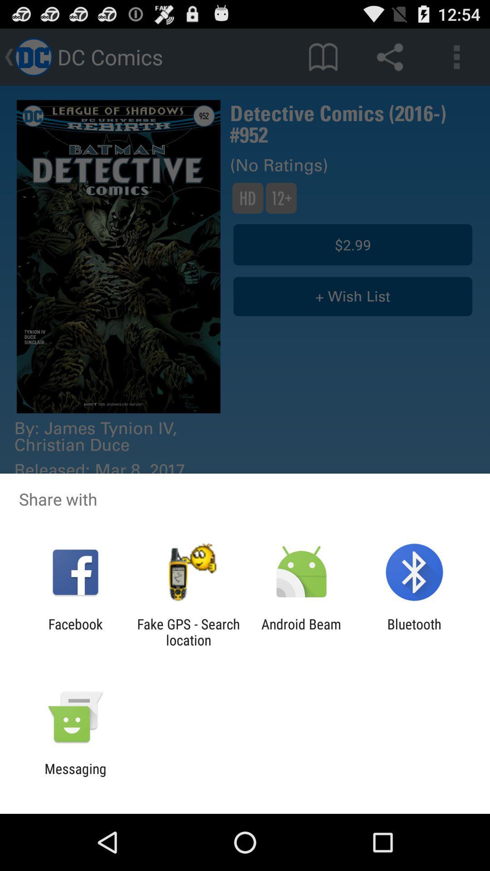 The image size is (490, 871). What do you see at coordinates (188, 631) in the screenshot?
I see `fake gps search icon` at bounding box center [188, 631].